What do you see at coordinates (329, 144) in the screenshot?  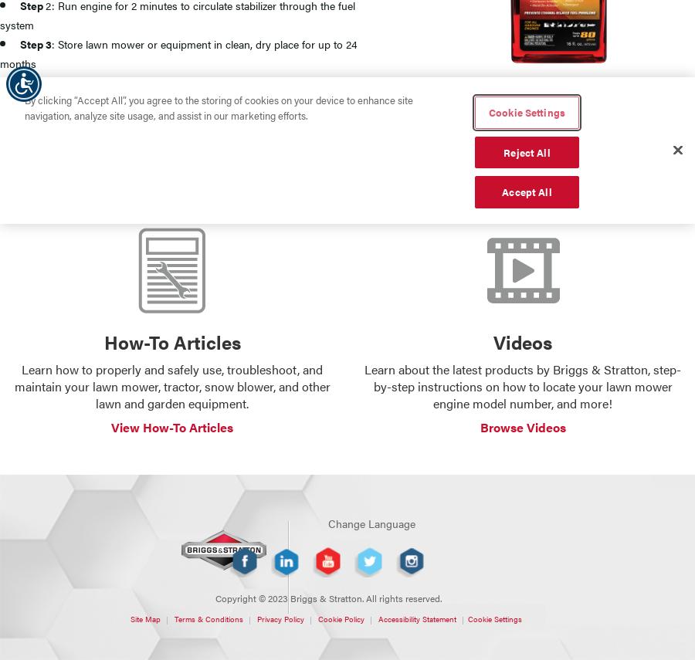 I see `'The use of a fuel stabilizer in the storage container is recommended to maintain freshness. It is also recommended that fuel is purchased in quantities that can be used within 30 days. This will assure fuel freshness and volatility tailored to the season.'` at bounding box center [329, 144].